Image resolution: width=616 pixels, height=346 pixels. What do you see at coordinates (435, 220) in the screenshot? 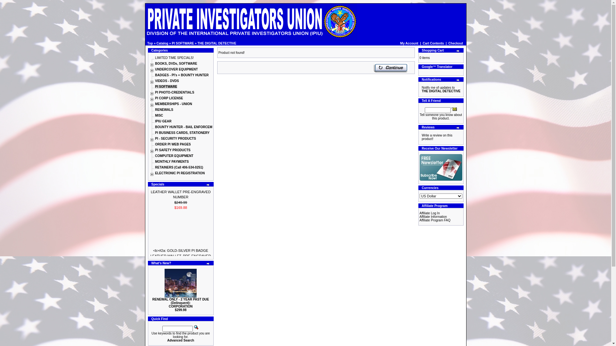
I see `'Affiliate Program FAQ'` at bounding box center [435, 220].